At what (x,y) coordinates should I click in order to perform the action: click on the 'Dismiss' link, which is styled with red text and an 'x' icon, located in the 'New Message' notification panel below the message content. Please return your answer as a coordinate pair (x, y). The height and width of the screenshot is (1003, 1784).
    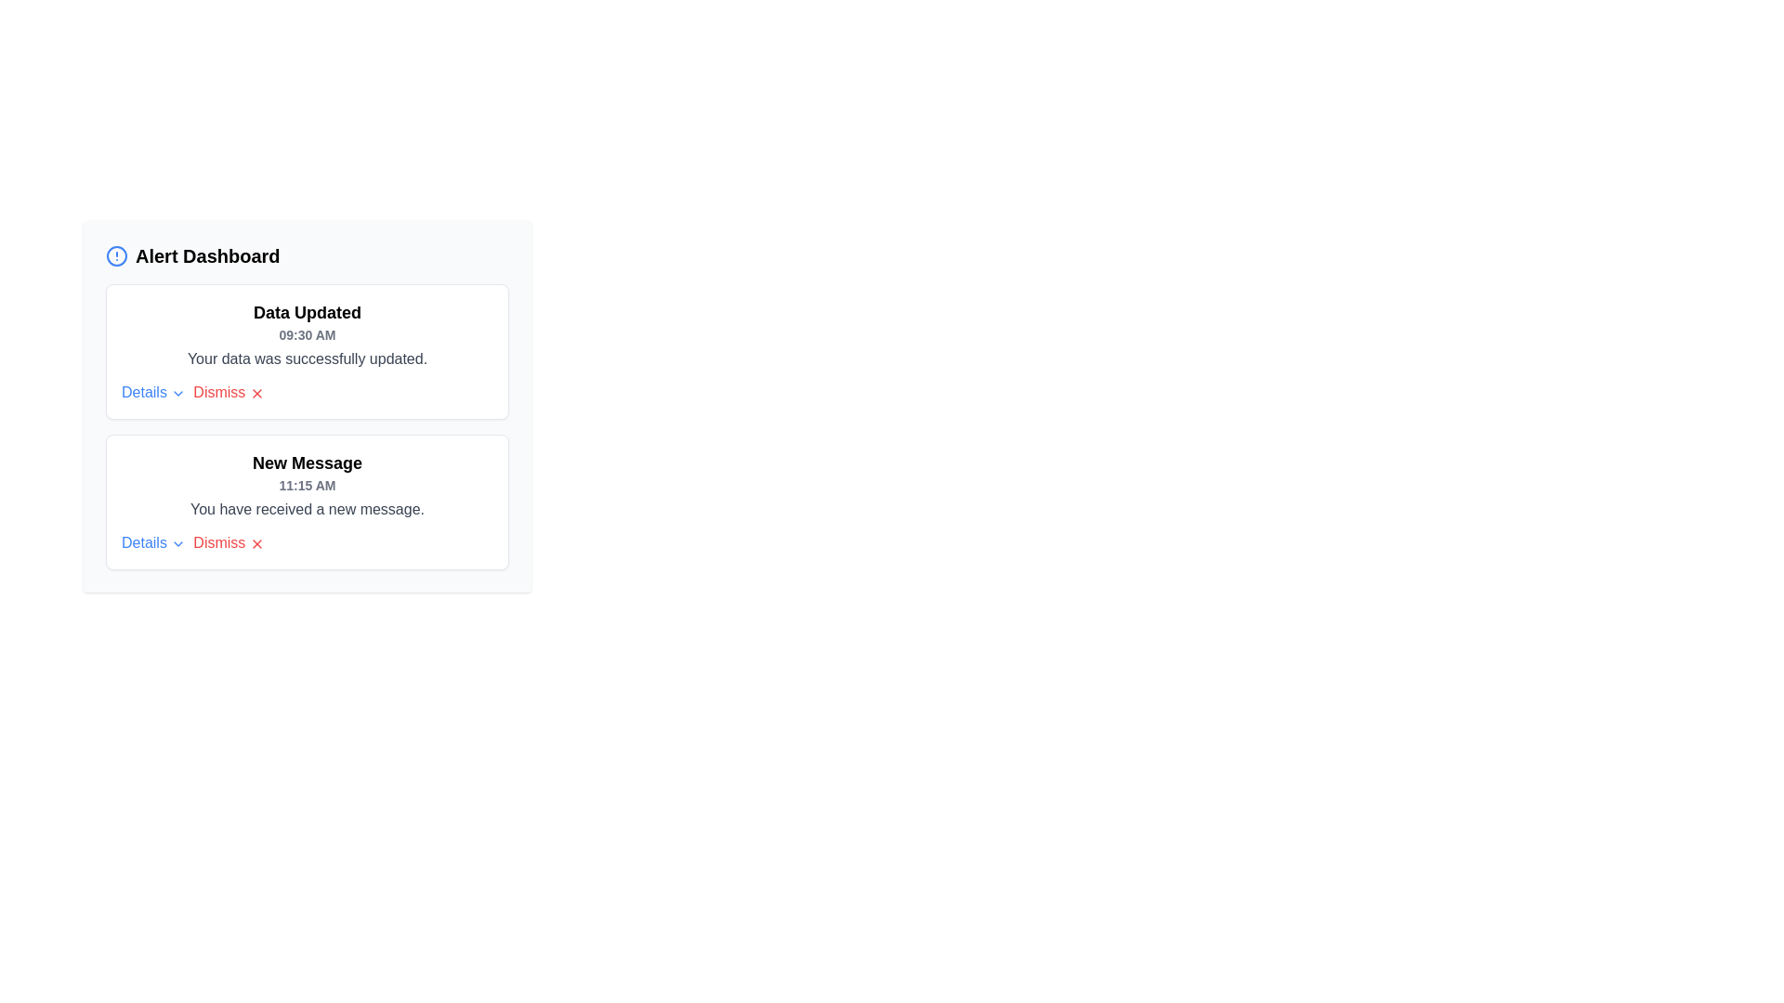
    Looking at the image, I should click on (308, 543).